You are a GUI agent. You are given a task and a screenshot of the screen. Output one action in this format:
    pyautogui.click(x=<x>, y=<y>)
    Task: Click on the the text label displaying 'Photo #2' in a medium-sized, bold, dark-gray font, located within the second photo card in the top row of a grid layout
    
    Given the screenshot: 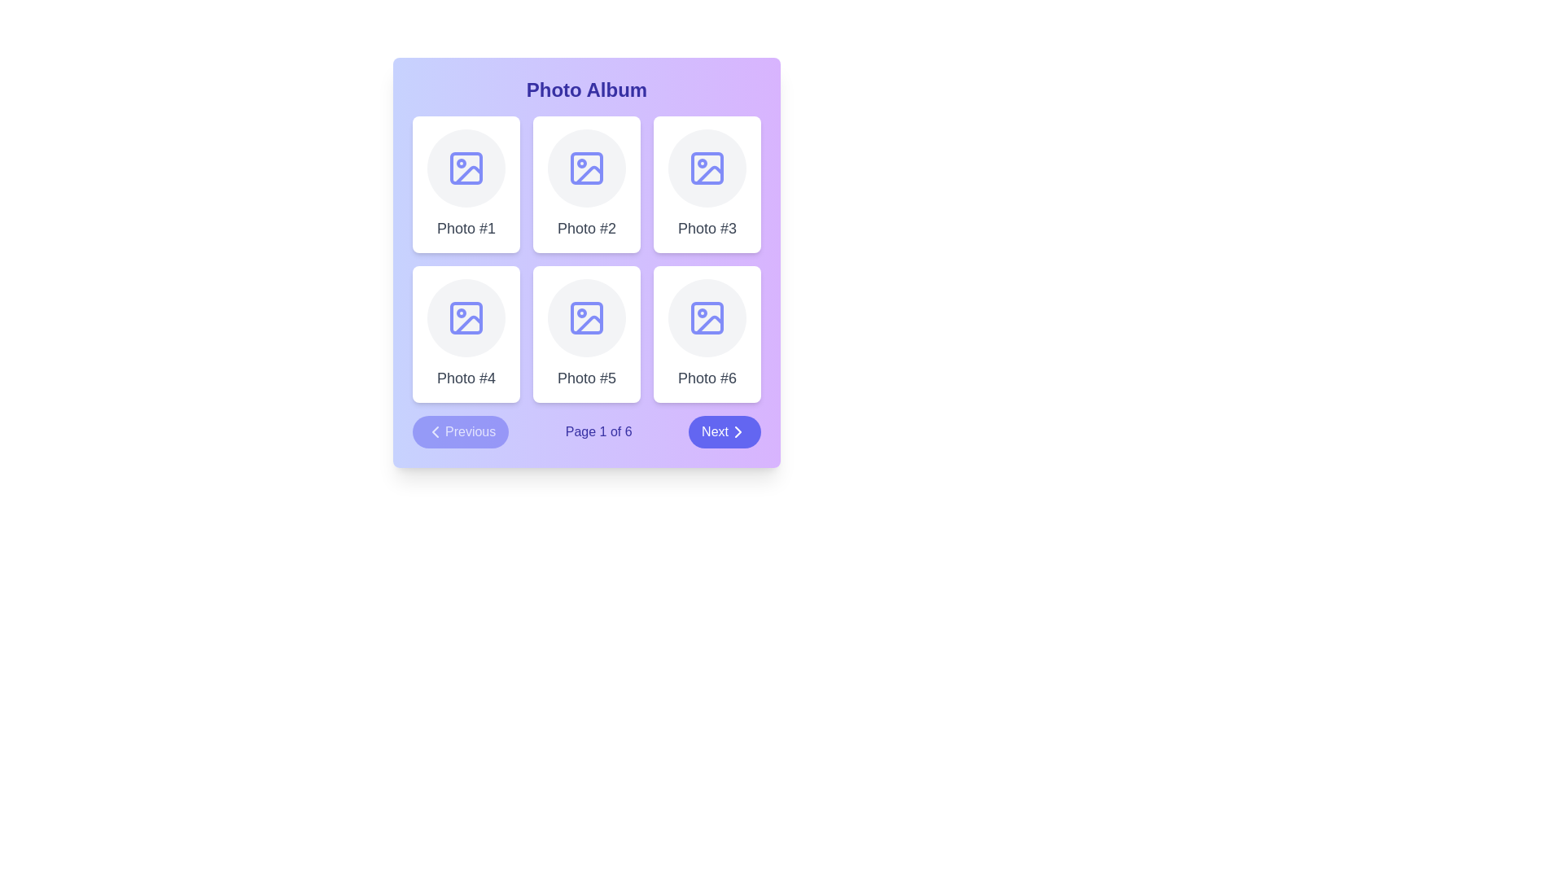 What is the action you would take?
    pyautogui.click(x=586, y=229)
    